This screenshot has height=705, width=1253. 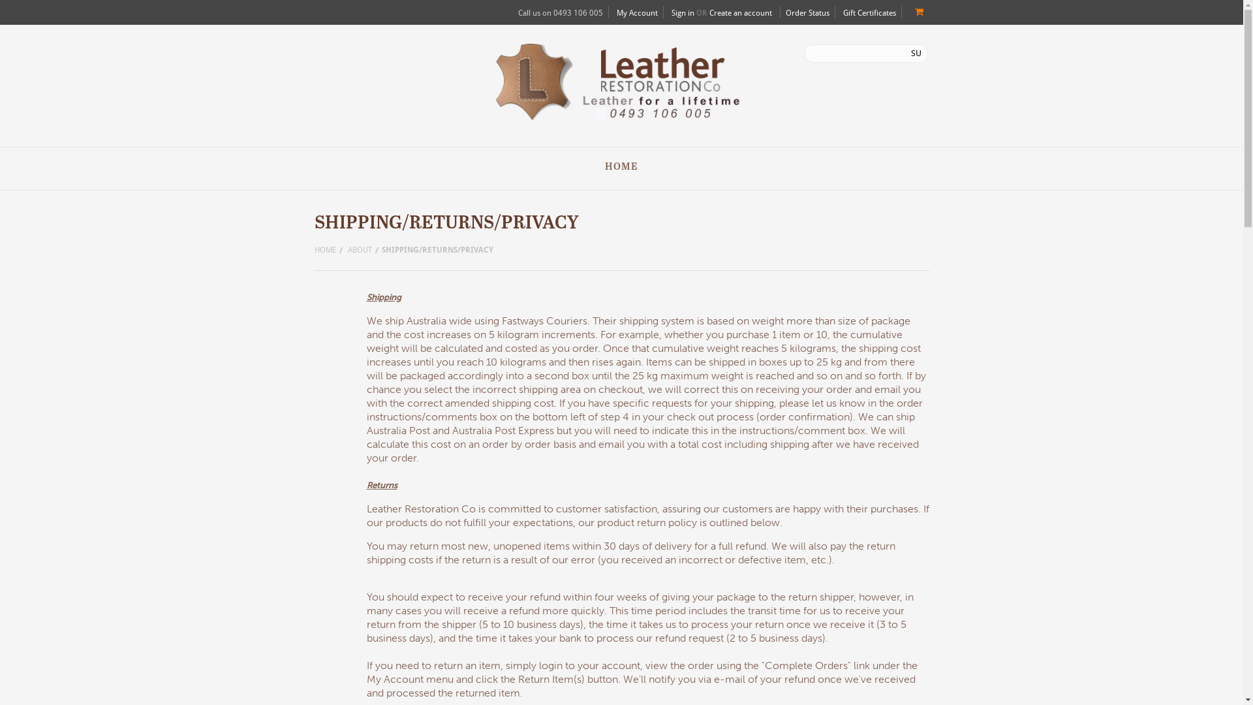 I want to click on 'Order Status', so click(x=807, y=12).